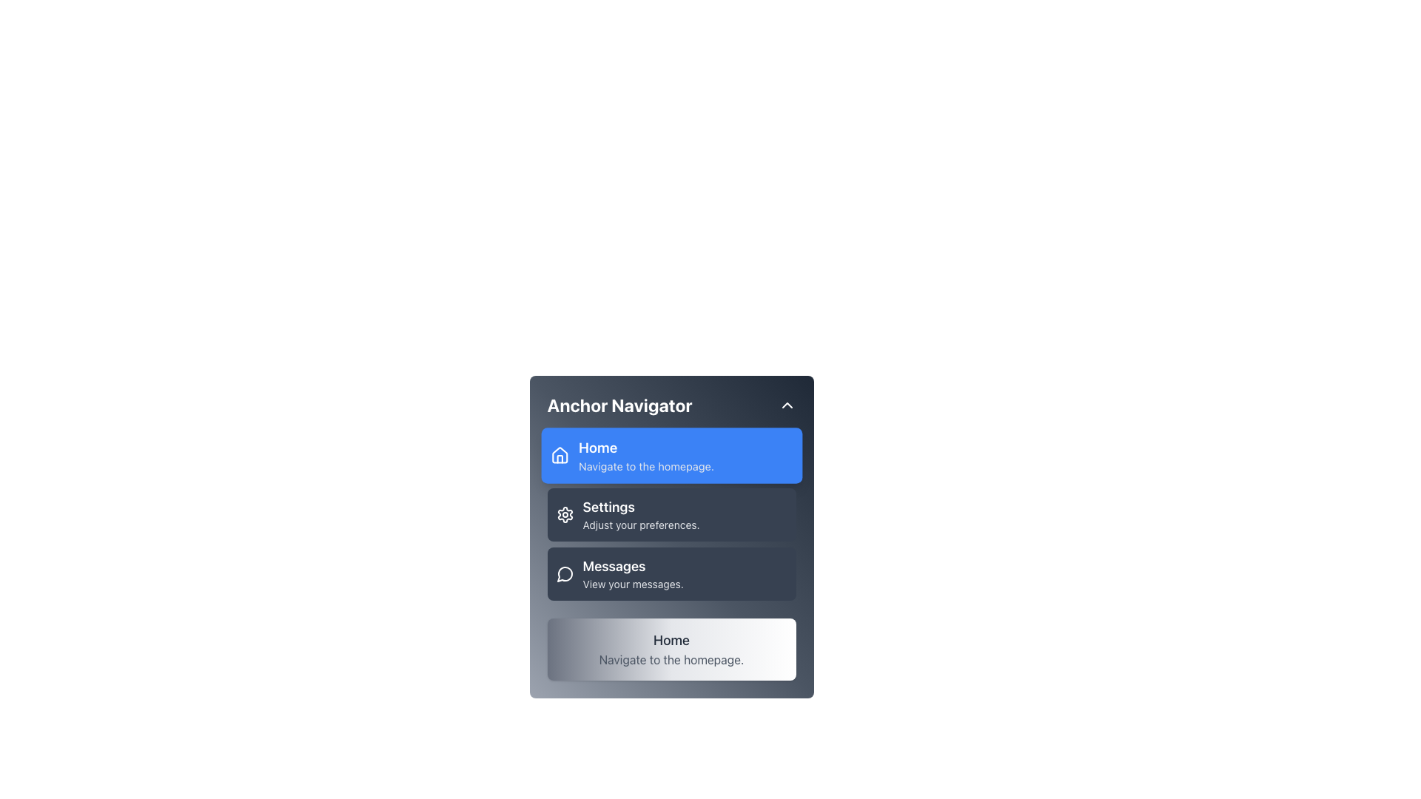  I want to click on the text label that provides additional information about the 'Home' navigation option, located below the bold 'Home' label in the left center of the interface, so click(646, 466).